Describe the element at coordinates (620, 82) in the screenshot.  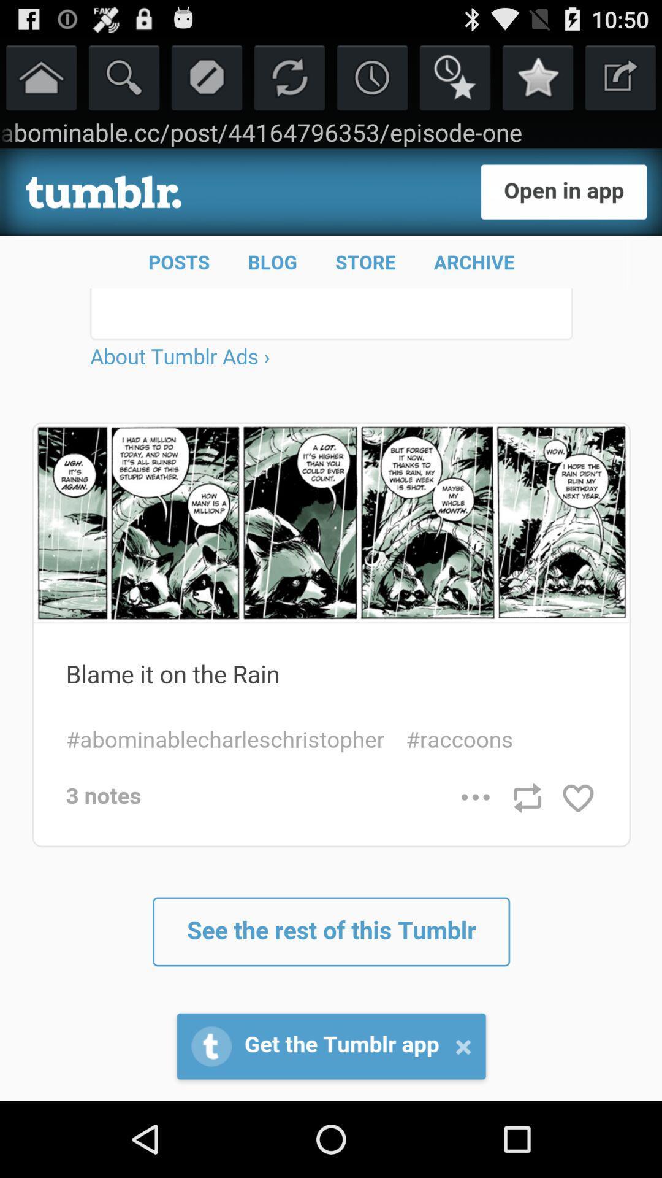
I see `the launch icon` at that location.